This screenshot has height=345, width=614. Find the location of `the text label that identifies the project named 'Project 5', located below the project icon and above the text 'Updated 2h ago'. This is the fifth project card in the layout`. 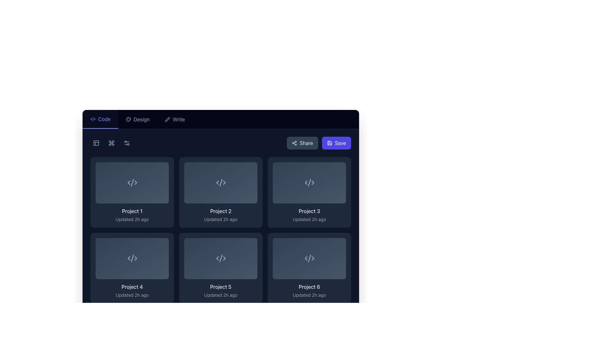

the text label that identifies the project named 'Project 5', located below the project icon and above the text 'Updated 2h ago'. This is the fifth project card in the layout is located at coordinates (221, 286).